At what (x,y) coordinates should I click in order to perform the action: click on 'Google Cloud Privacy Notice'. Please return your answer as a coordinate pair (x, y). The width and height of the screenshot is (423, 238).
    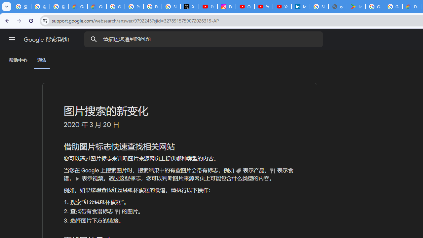
    Looking at the image, I should click on (78, 7).